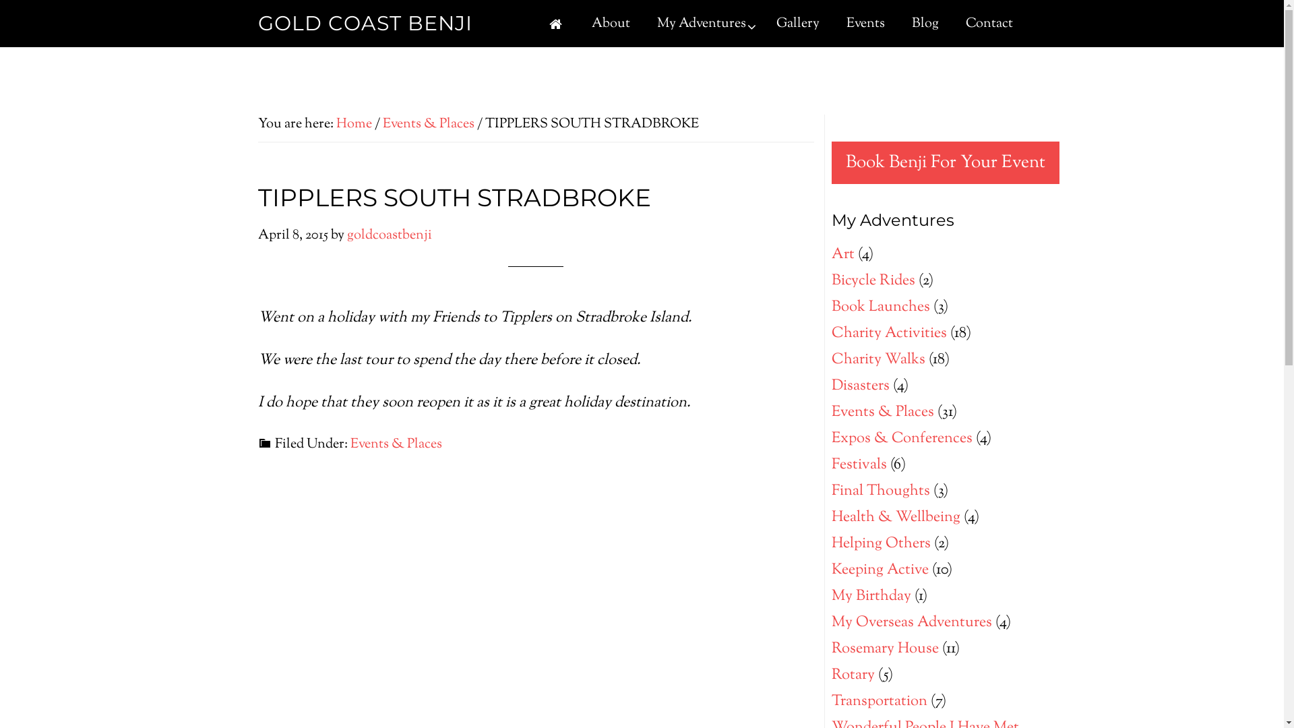 The height and width of the screenshot is (728, 1294). What do you see at coordinates (578, 24) in the screenshot?
I see `'About'` at bounding box center [578, 24].